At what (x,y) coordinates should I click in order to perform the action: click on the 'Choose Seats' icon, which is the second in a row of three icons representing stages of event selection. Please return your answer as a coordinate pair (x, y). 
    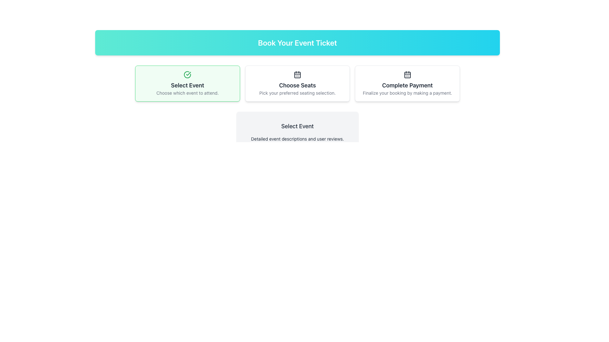
    Looking at the image, I should click on (297, 74).